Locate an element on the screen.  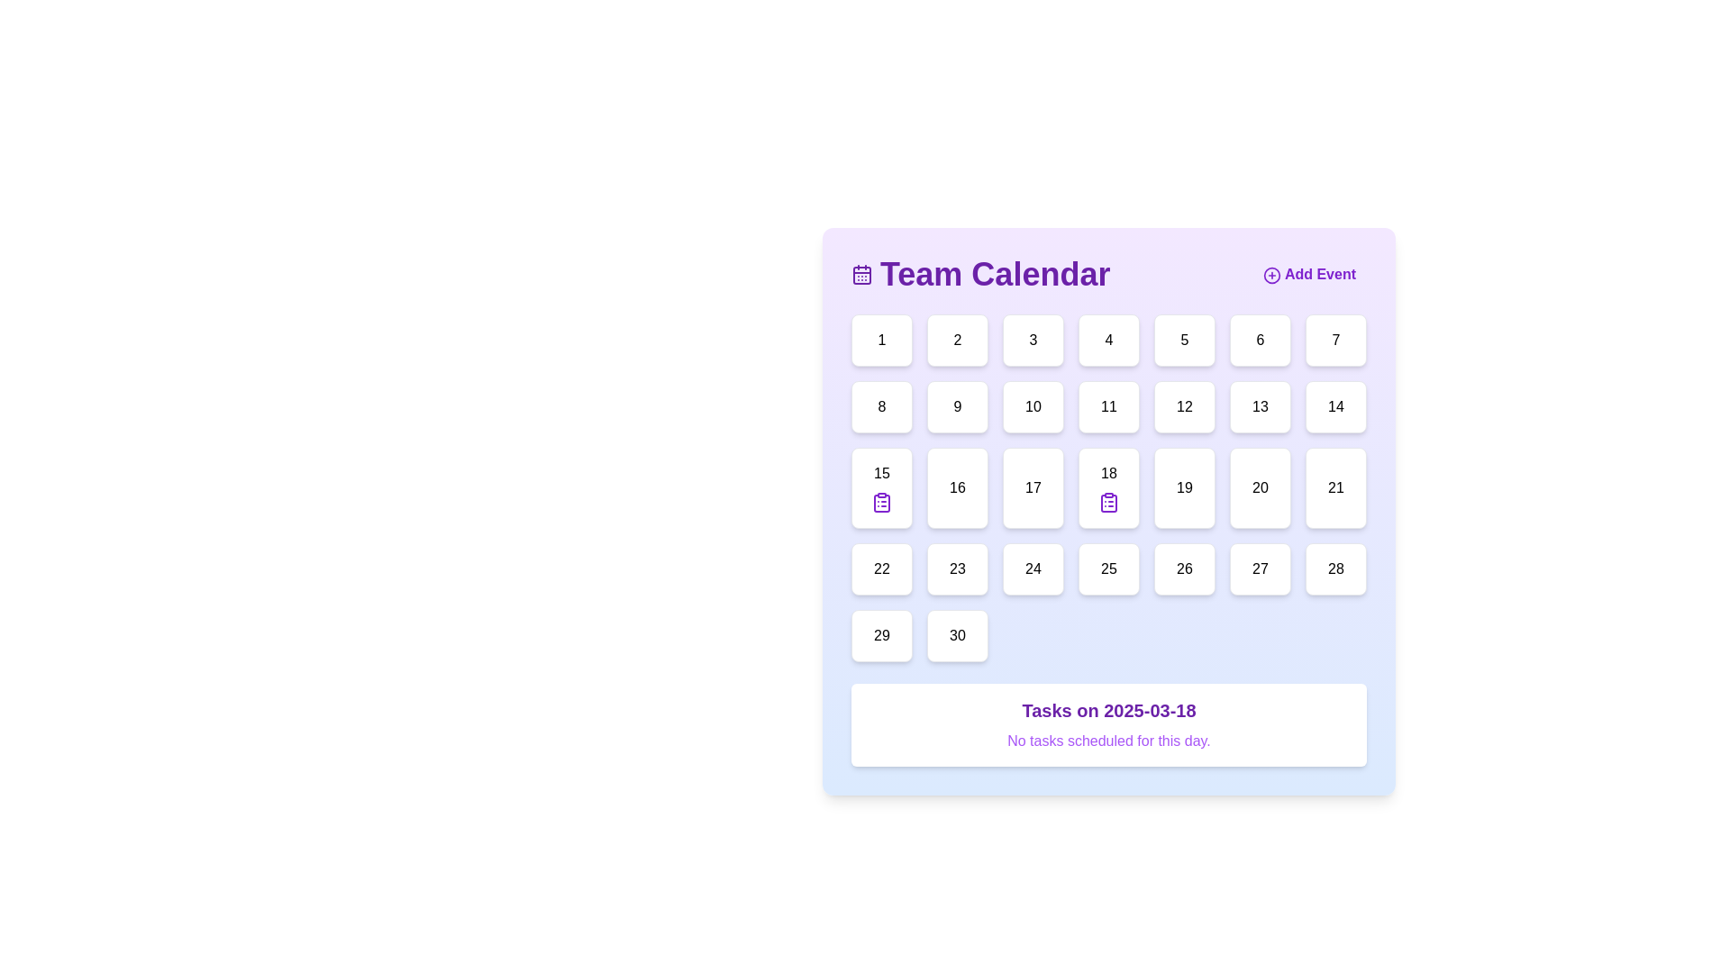
the button displaying the number '21' which is located is located at coordinates (1336, 488).